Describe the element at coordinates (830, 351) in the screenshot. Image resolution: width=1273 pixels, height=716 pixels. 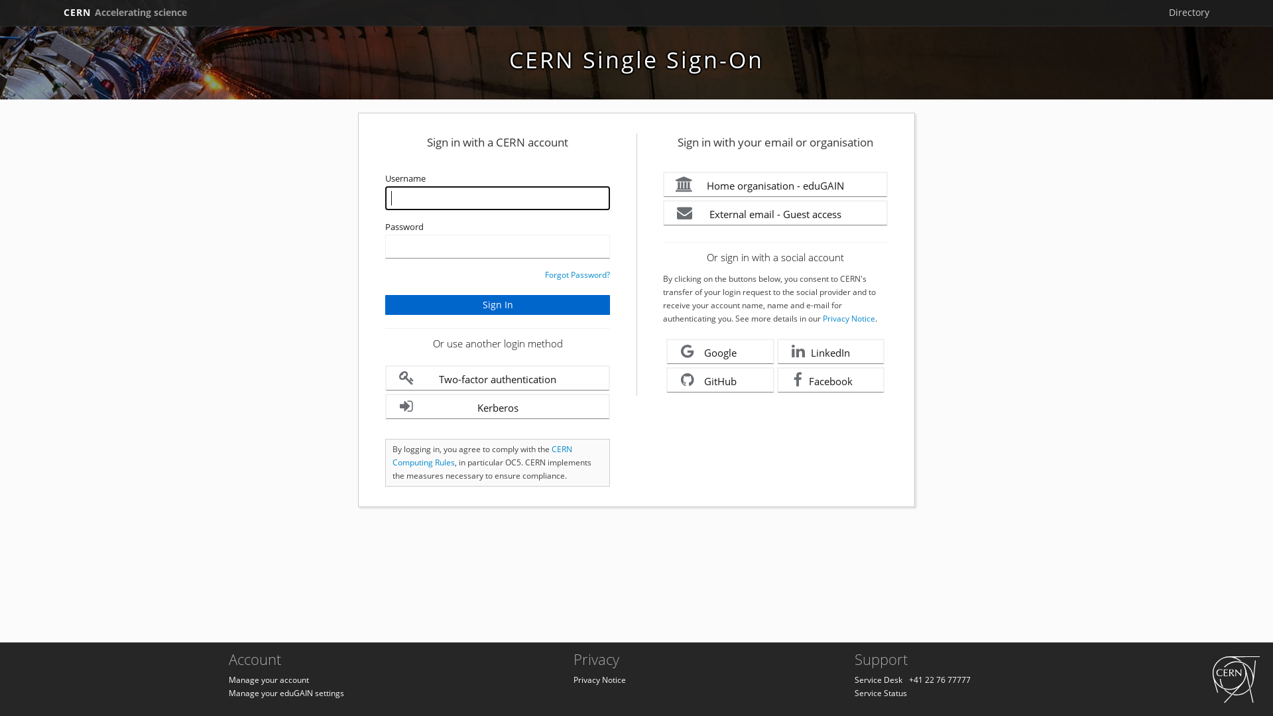
I see `'LinkedIn'` at that location.